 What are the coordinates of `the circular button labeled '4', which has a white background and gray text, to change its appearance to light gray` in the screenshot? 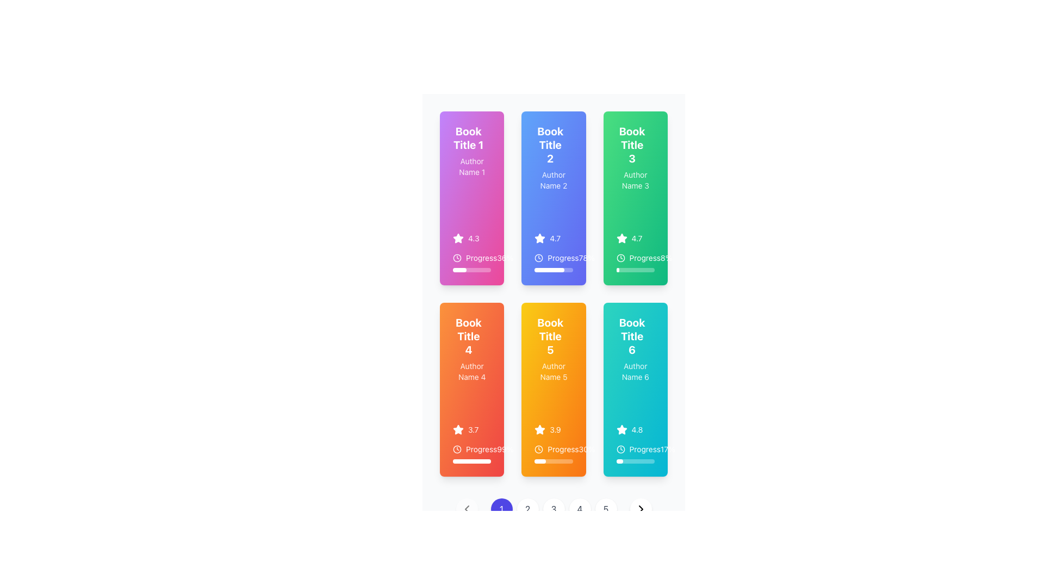 It's located at (579, 509).